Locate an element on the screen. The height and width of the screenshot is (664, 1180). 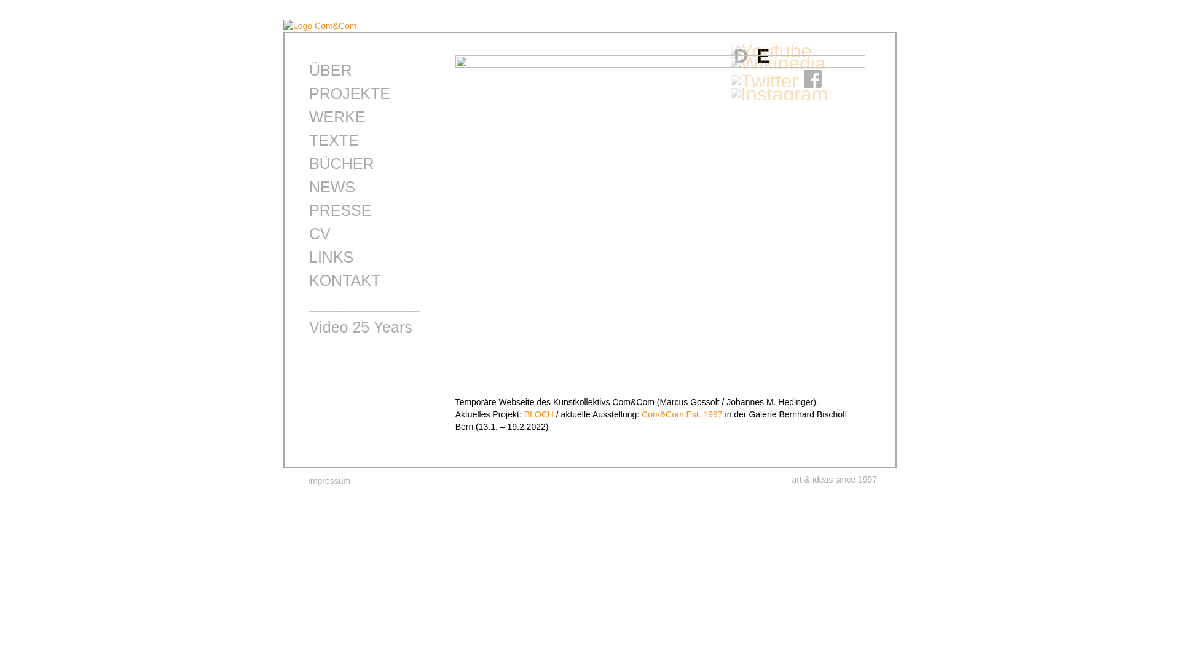
'Facebook' is located at coordinates (813, 81).